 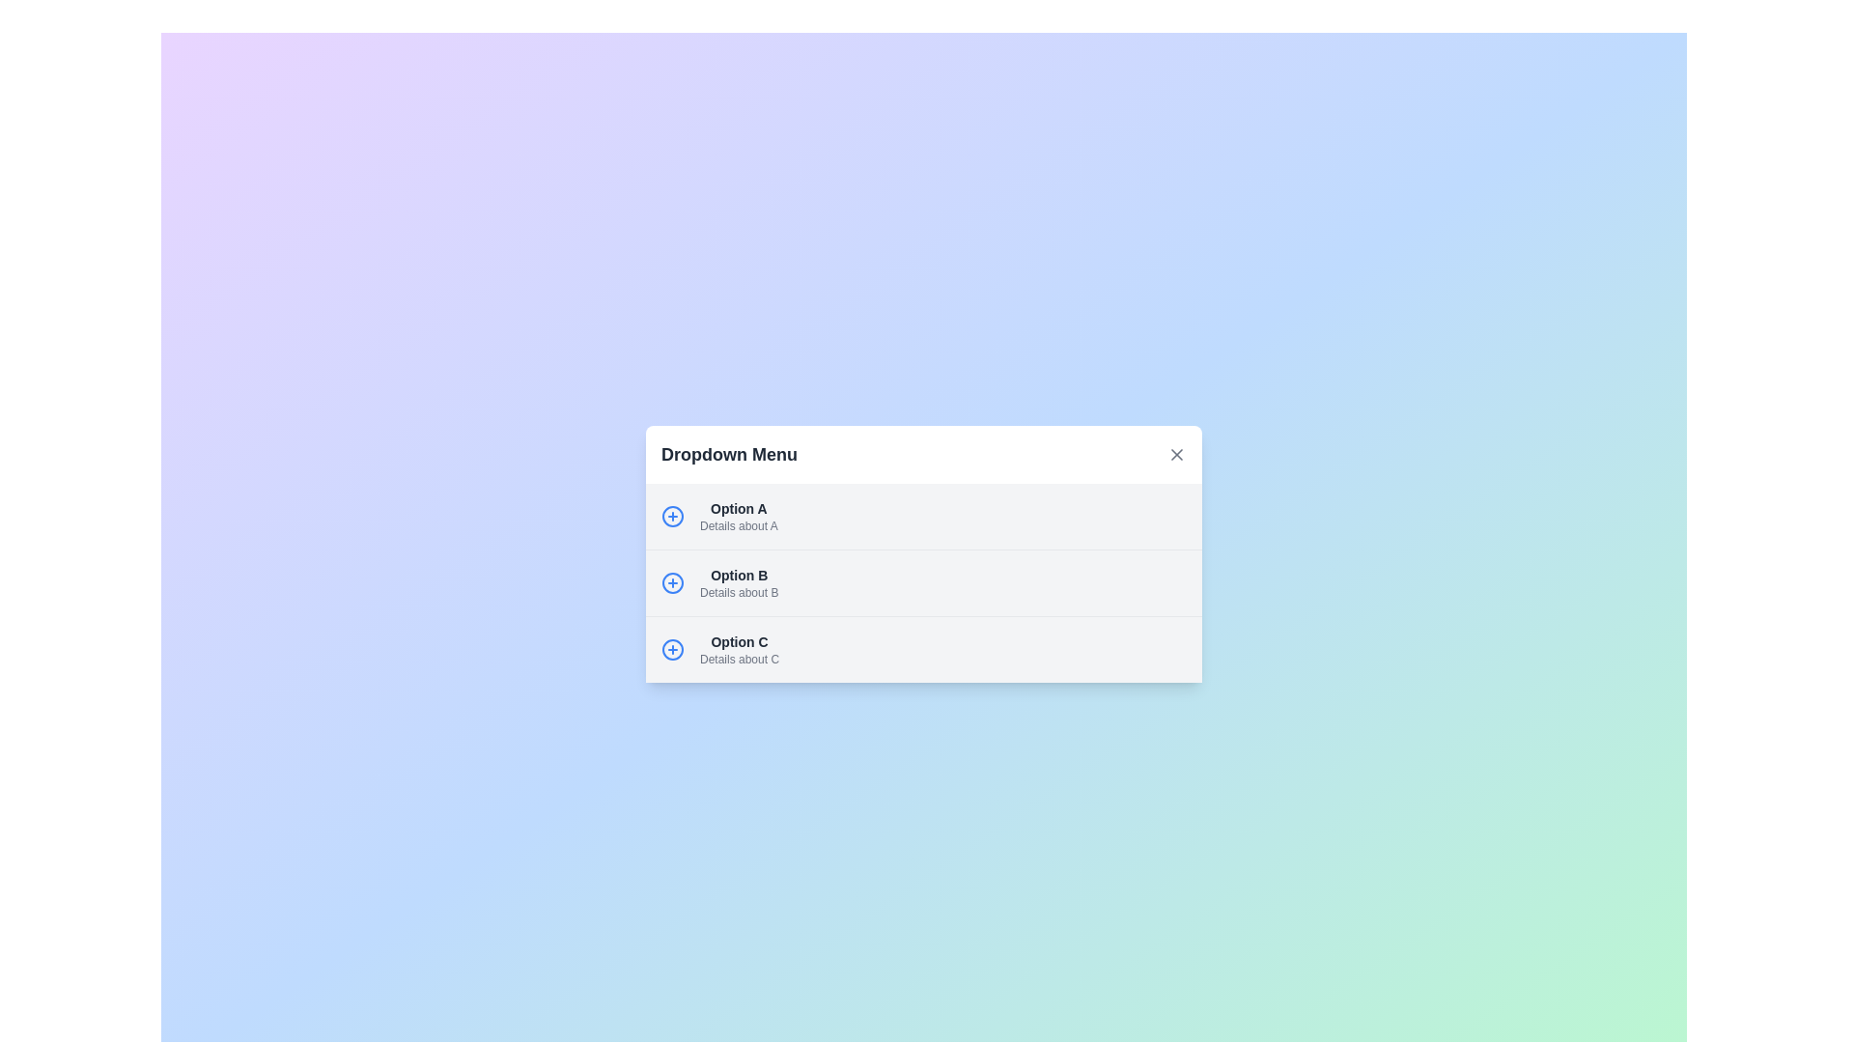 What do you see at coordinates (739, 641) in the screenshot?
I see `the text label that identifies 'Option C' in the dropdown menu, located in the third row of items` at bounding box center [739, 641].